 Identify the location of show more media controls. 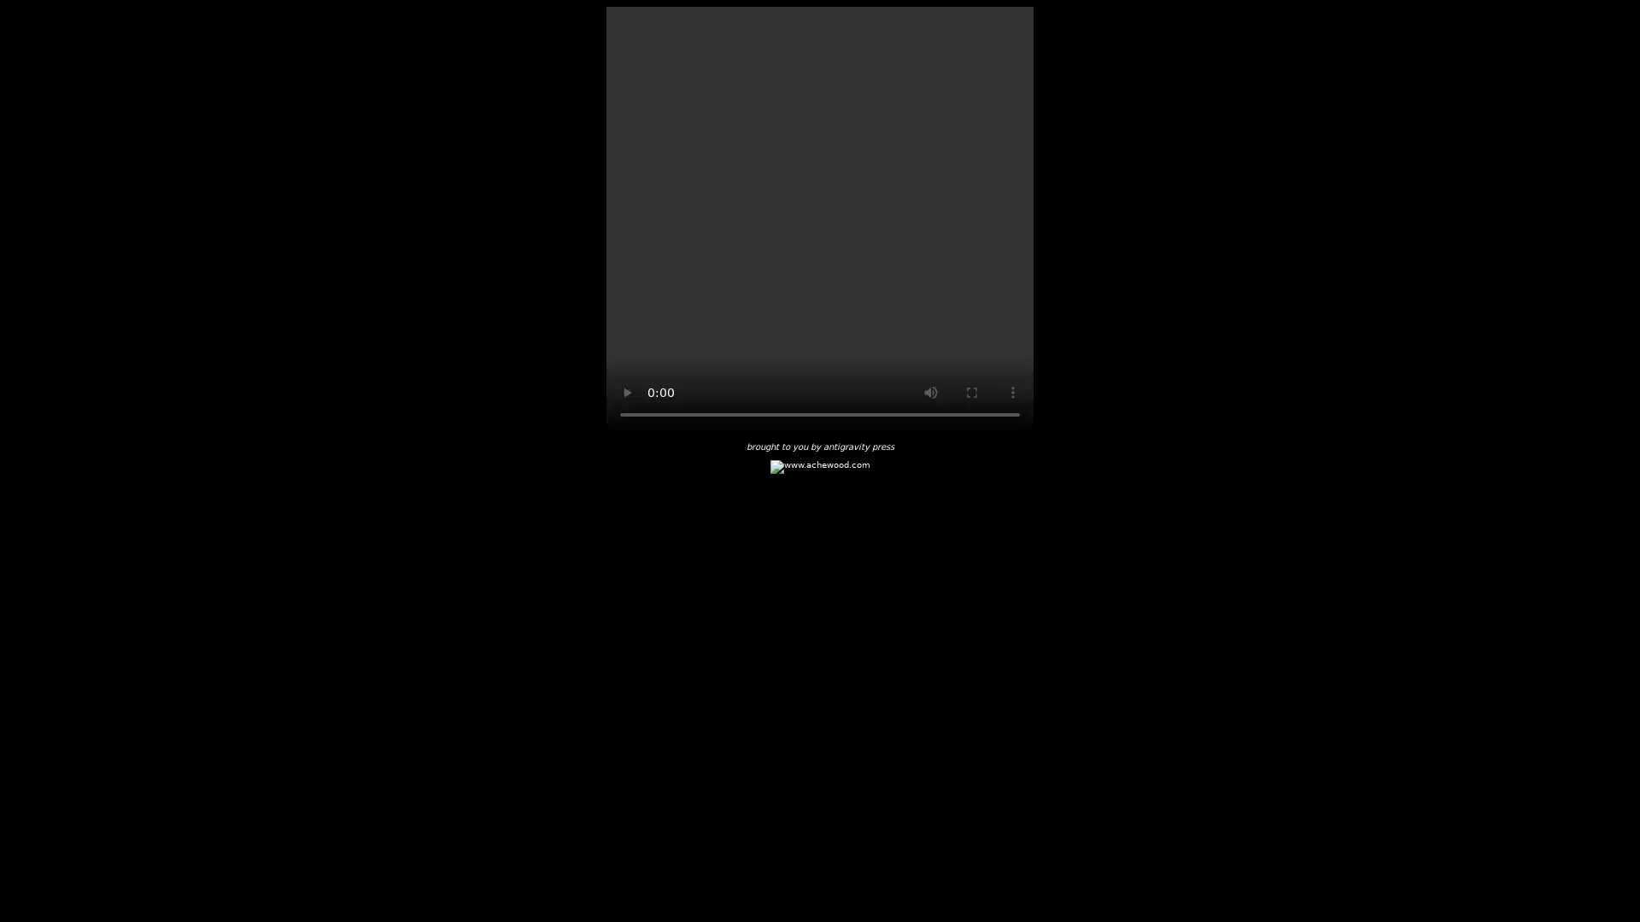
(1012, 392).